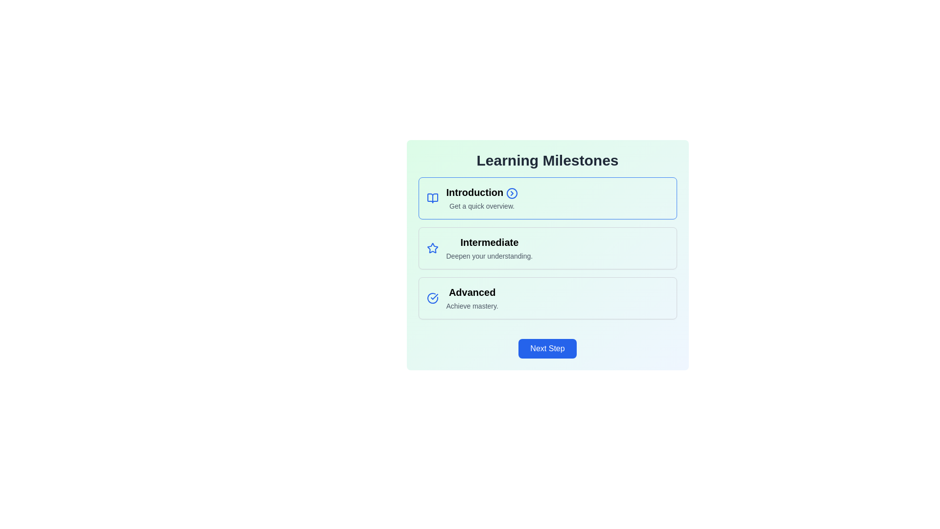 The height and width of the screenshot is (529, 940). Describe the element at coordinates (432, 247) in the screenshot. I see `the star icon representing the 'Intermediate' stage, located on the left side of the 'Intermediate' text under 'Learning Milestones'` at that location.